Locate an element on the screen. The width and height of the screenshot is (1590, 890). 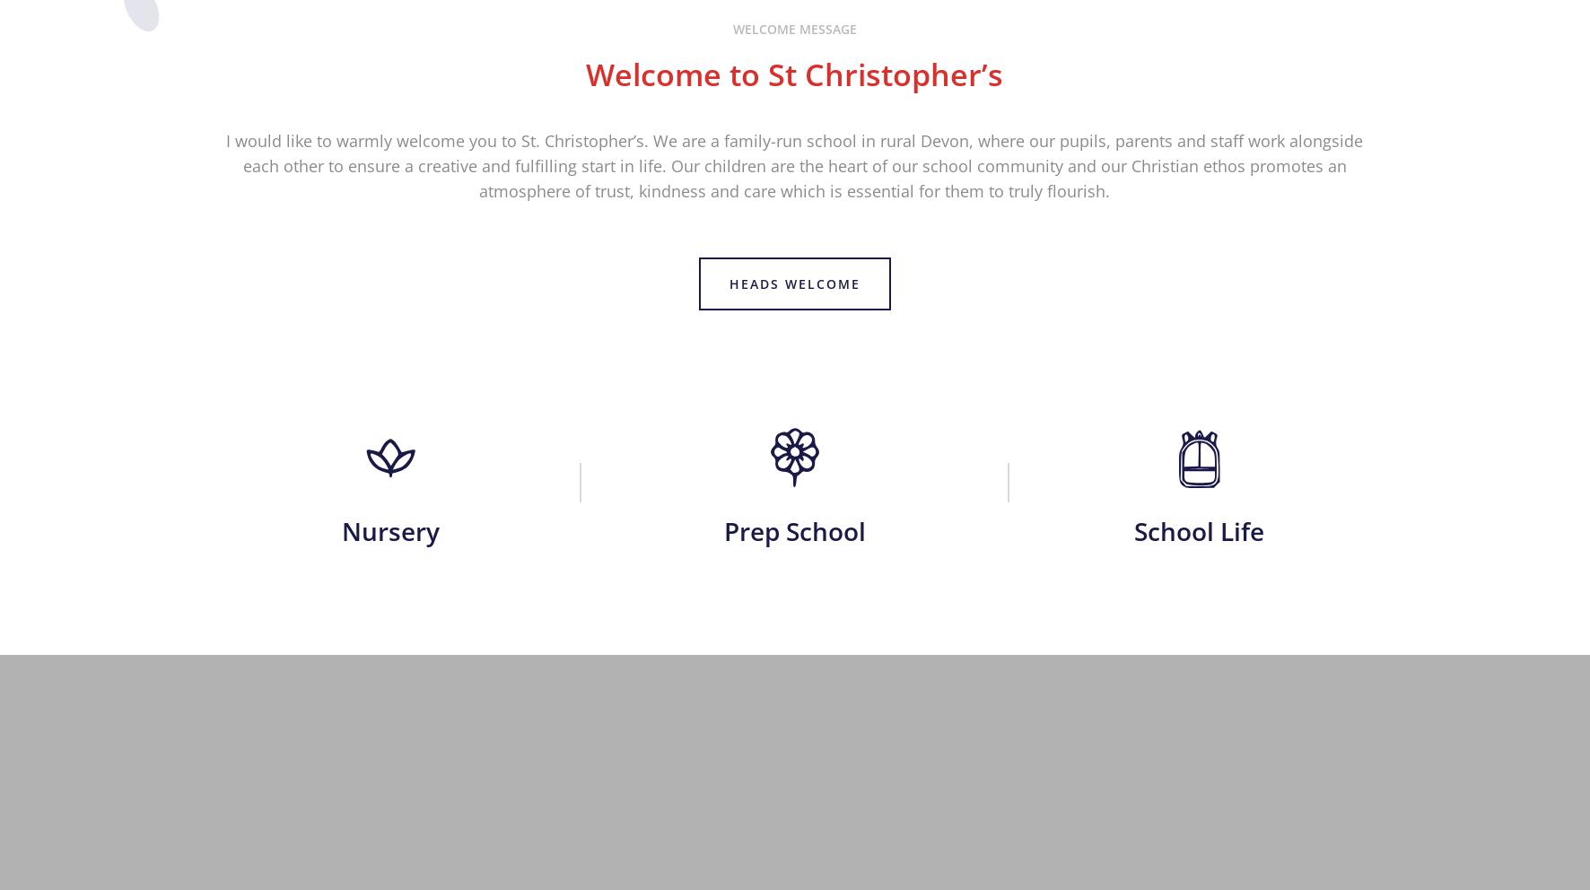
'© Copyright St Christophers Prep School & Nursery' is located at coordinates (228, 868).